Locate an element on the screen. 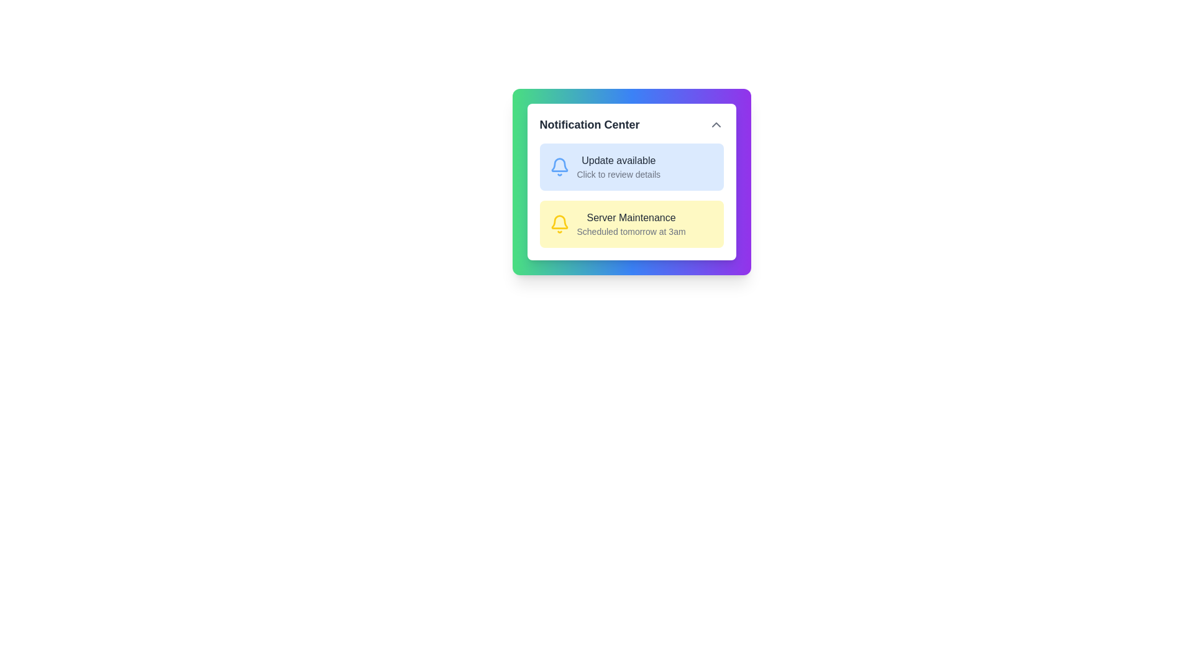  the text label that provides additional information about the 'Server Maintenance' notification, indicating the scheduled time as 'tomorrow at 3am' is located at coordinates (631, 232).